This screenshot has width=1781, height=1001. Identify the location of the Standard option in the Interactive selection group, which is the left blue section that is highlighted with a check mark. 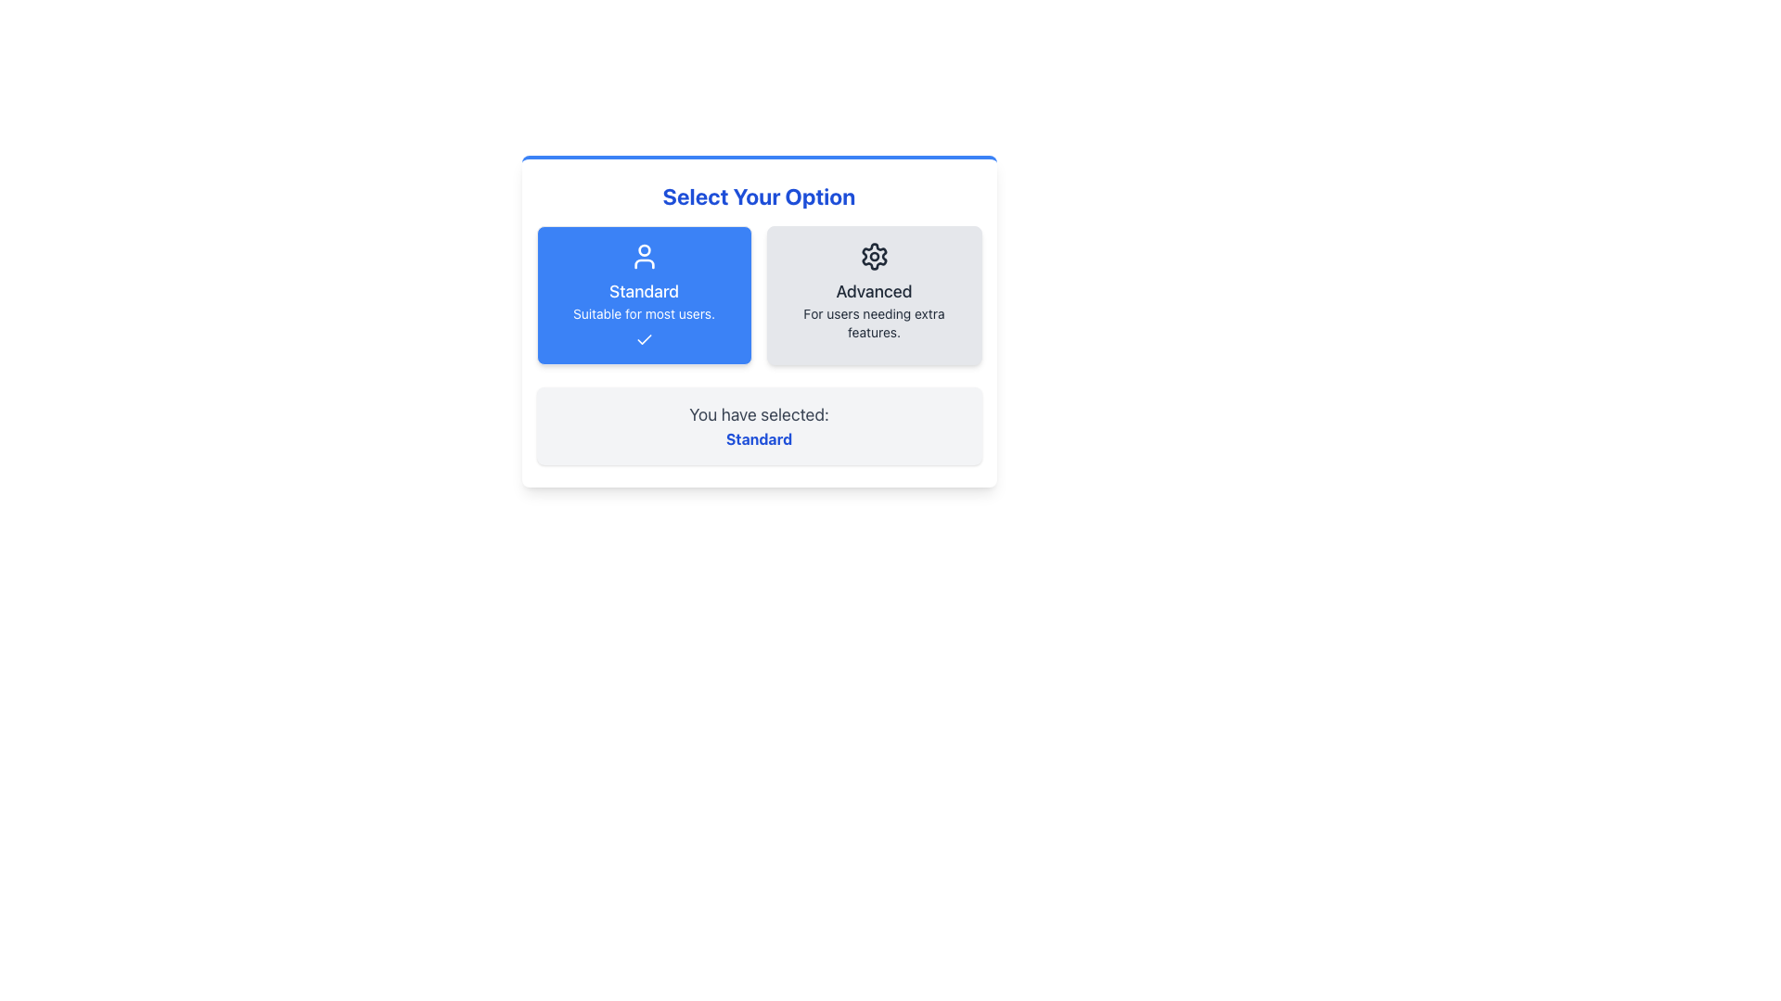
(759, 295).